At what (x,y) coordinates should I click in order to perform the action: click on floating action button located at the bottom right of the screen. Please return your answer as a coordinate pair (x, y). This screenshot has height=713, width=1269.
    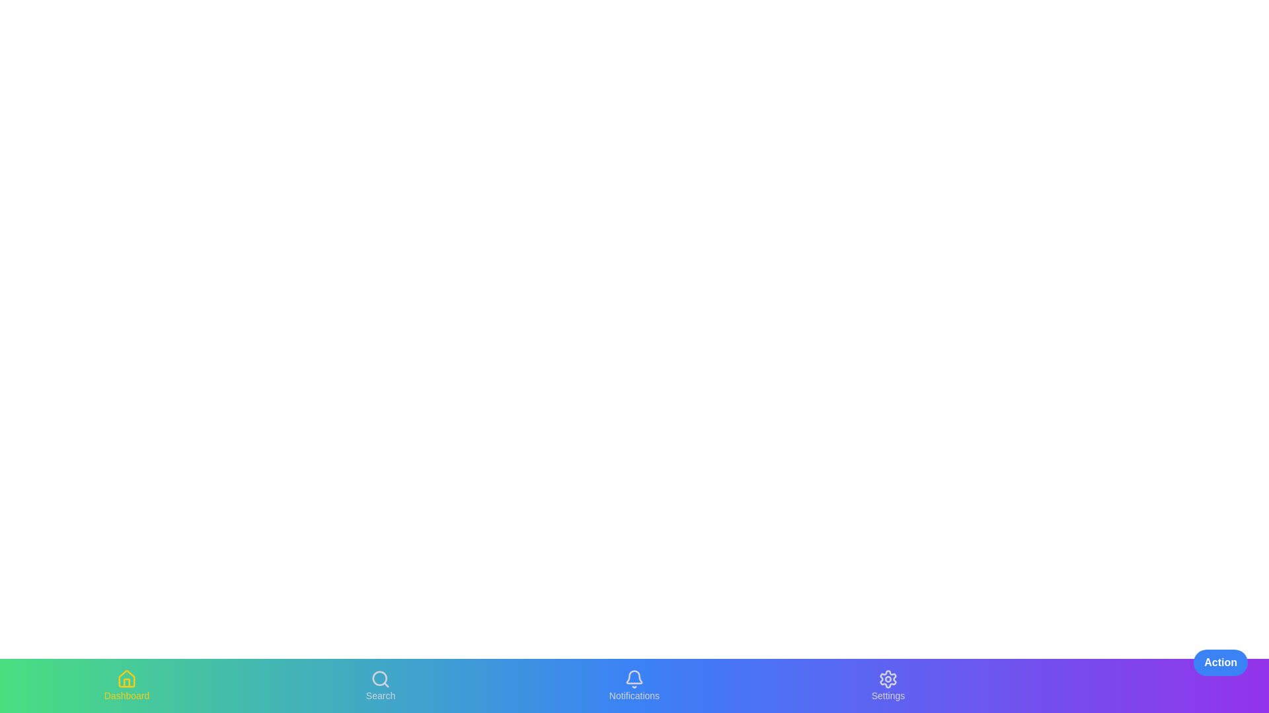
    Looking at the image, I should click on (1220, 662).